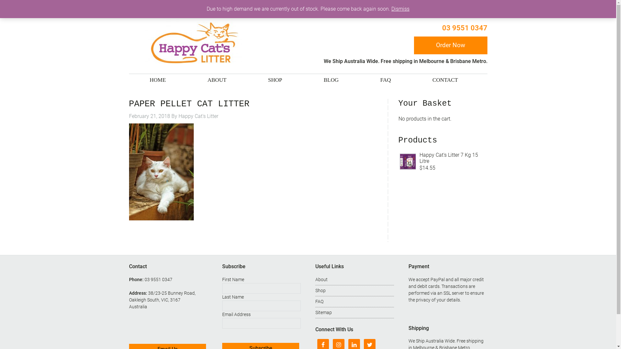  What do you see at coordinates (321, 279) in the screenshot?
I see `'About'` at bounding box center [321, 279].